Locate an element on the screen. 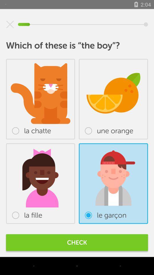 The image size is (154, 275). check item is located at coordinates (77, 242).